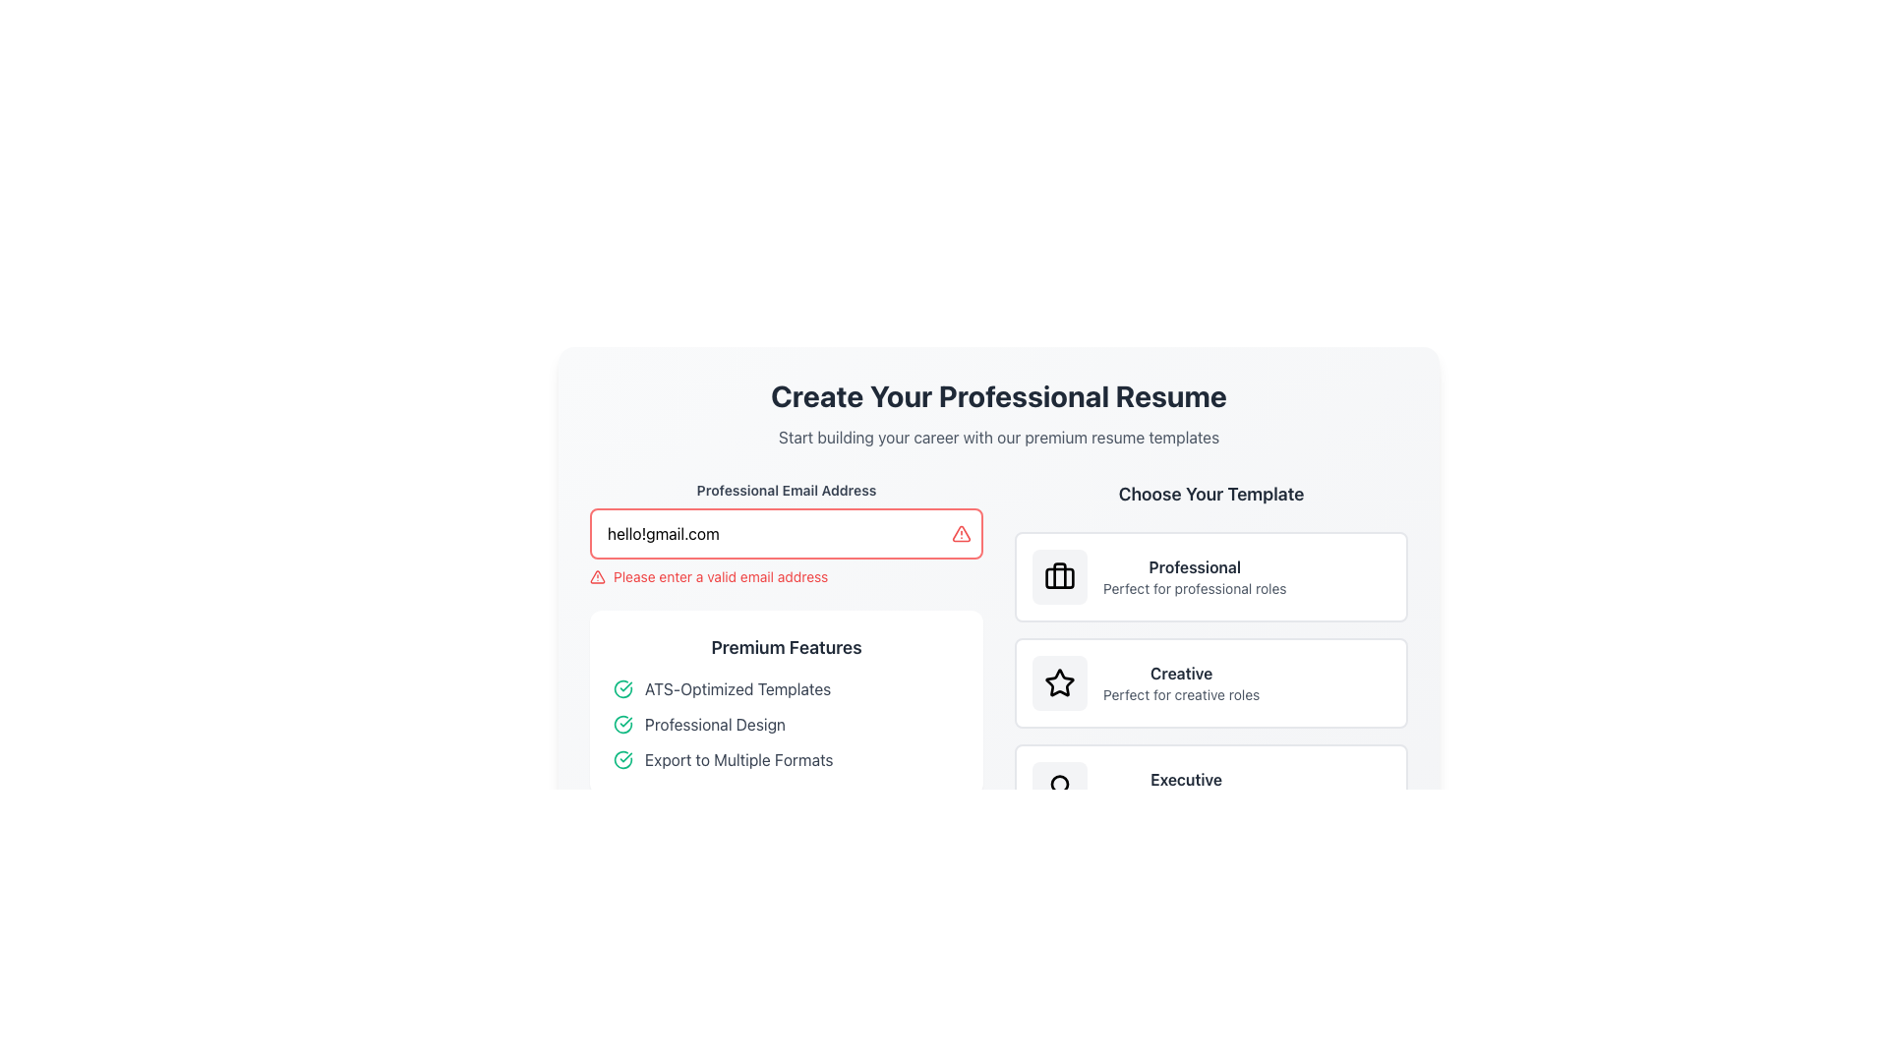  What do you see at coordinates (1210, 788) in the screenshot?
I see `the selectable button for the 'Executive' template located in the 'Choose Your Template' section, specifically the third option below 'Professional' and 'Creative'` at bounding box center [1210, 788].